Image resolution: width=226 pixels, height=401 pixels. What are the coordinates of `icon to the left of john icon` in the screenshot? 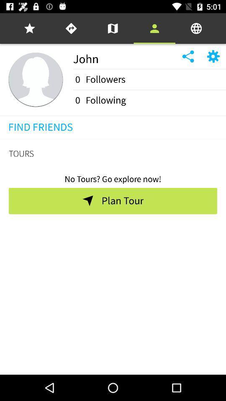 It's located at (35, 79).